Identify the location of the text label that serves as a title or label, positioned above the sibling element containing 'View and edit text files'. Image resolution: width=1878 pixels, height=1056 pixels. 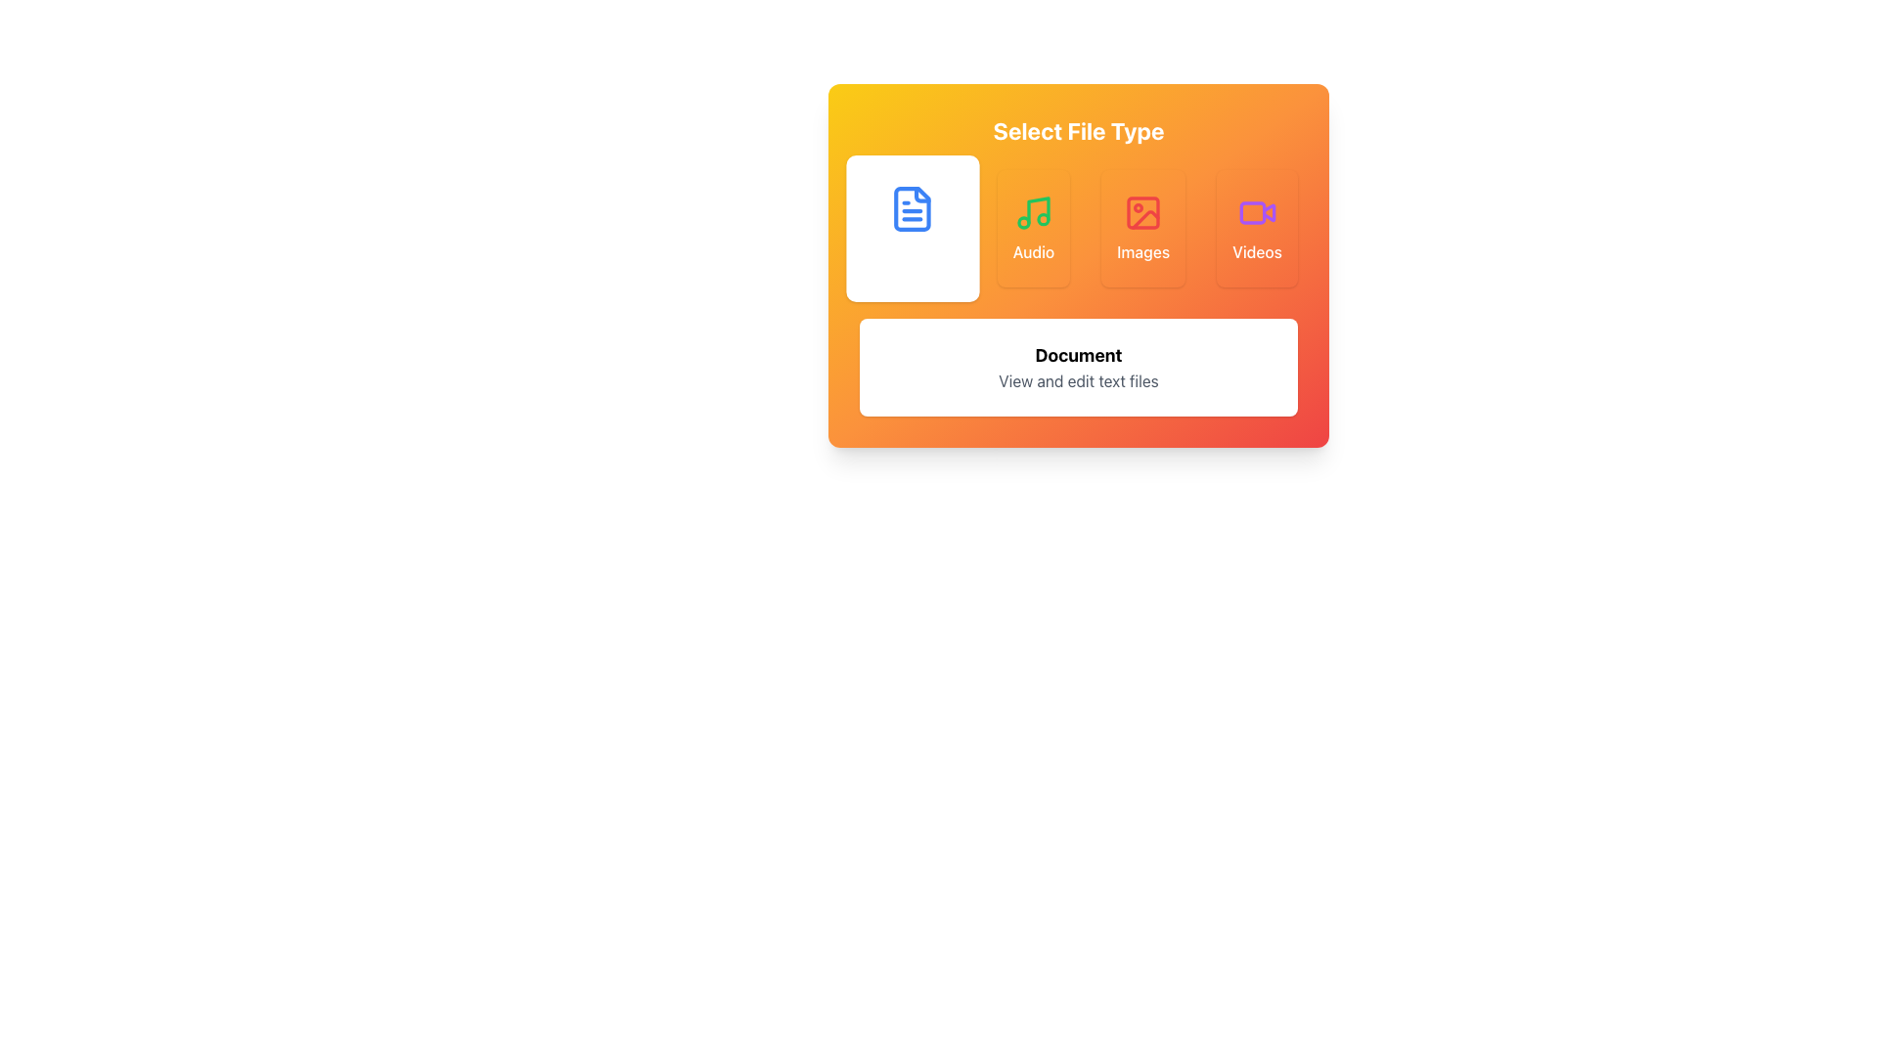
(1078, 355).